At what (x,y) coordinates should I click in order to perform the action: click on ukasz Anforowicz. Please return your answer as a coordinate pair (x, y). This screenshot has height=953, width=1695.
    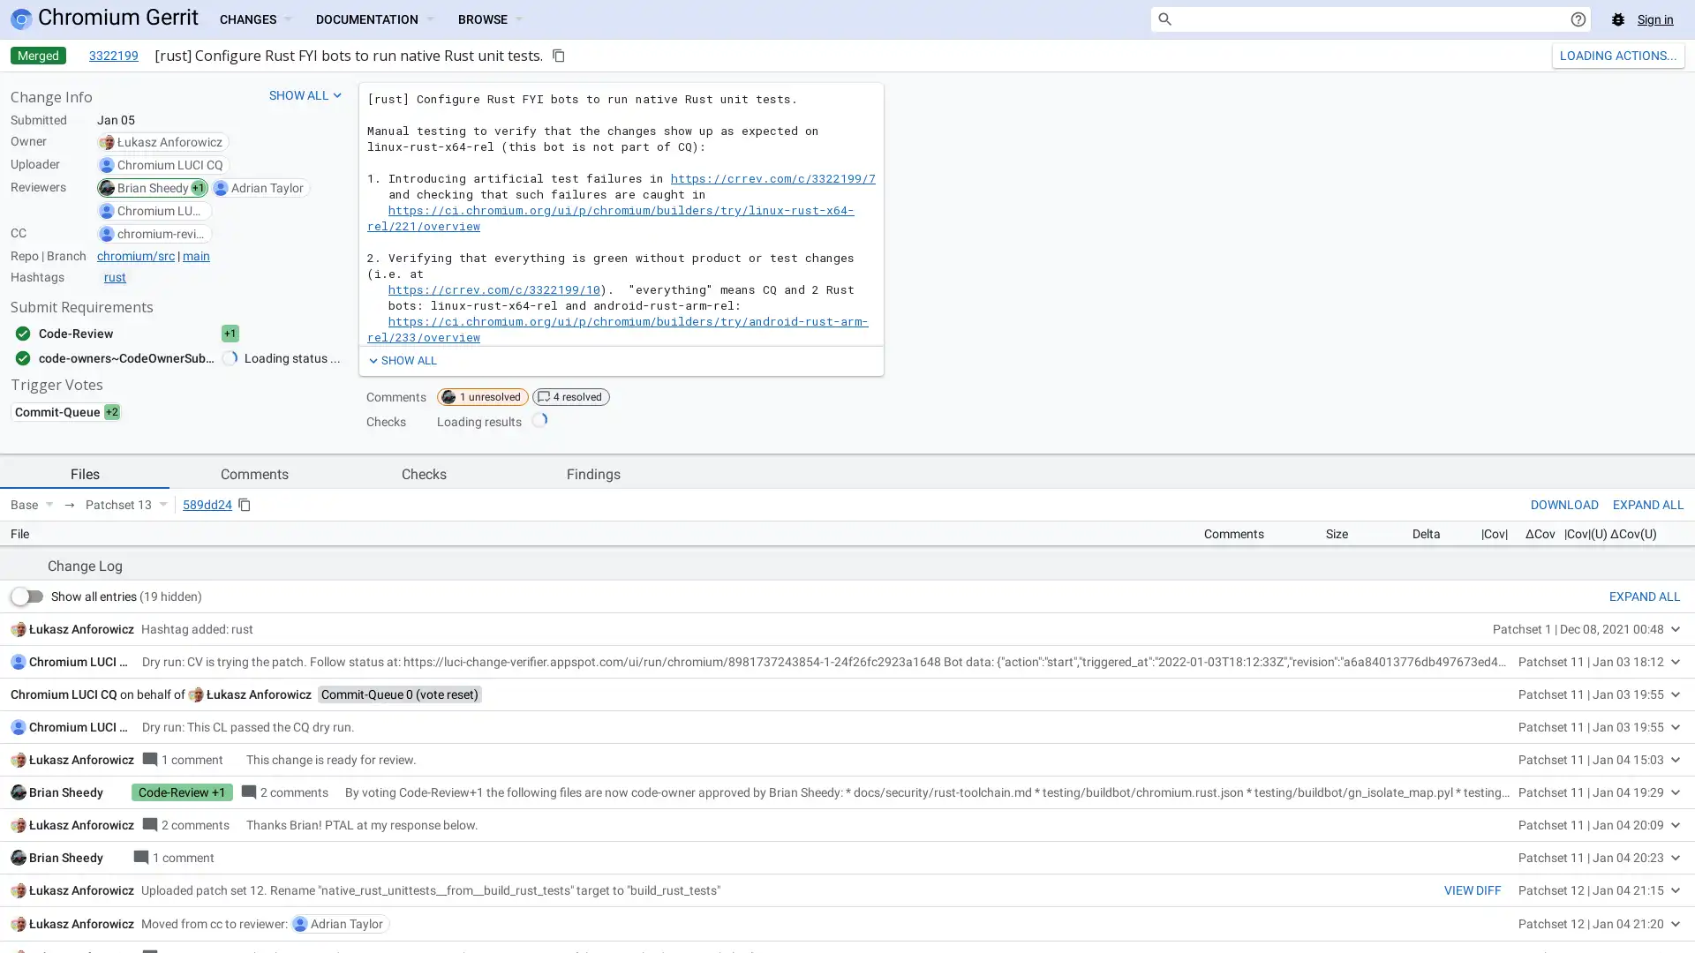
    Looking at the image, I should click on (169, 141).